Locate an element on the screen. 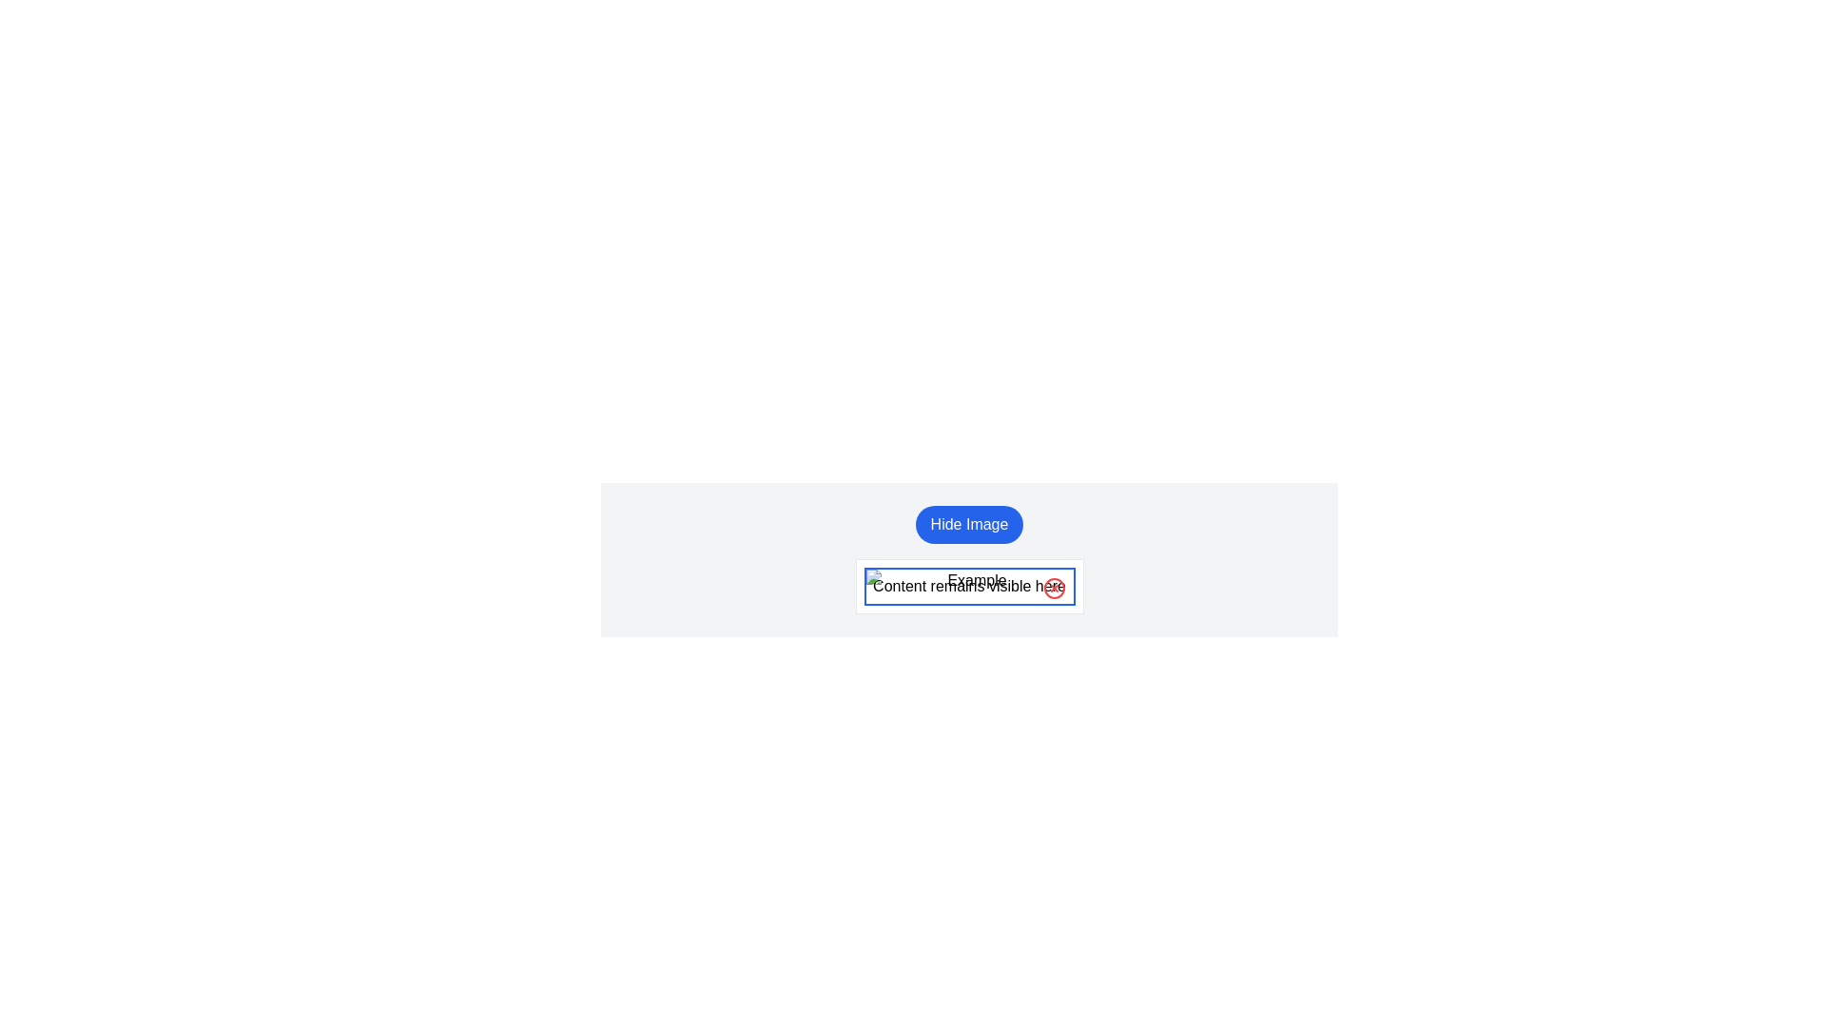 The height and width of the screenshot is (1027, 1826). the blue button labeled 'Hide Image' is located at coordinates (969, 524).